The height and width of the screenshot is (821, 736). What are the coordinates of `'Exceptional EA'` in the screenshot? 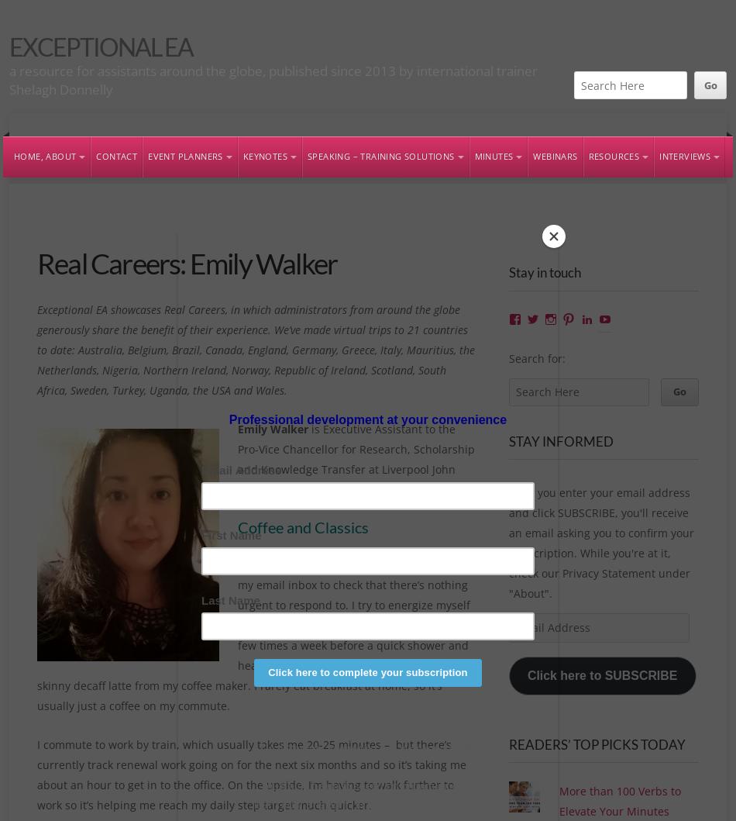 It's located at (9, 47).